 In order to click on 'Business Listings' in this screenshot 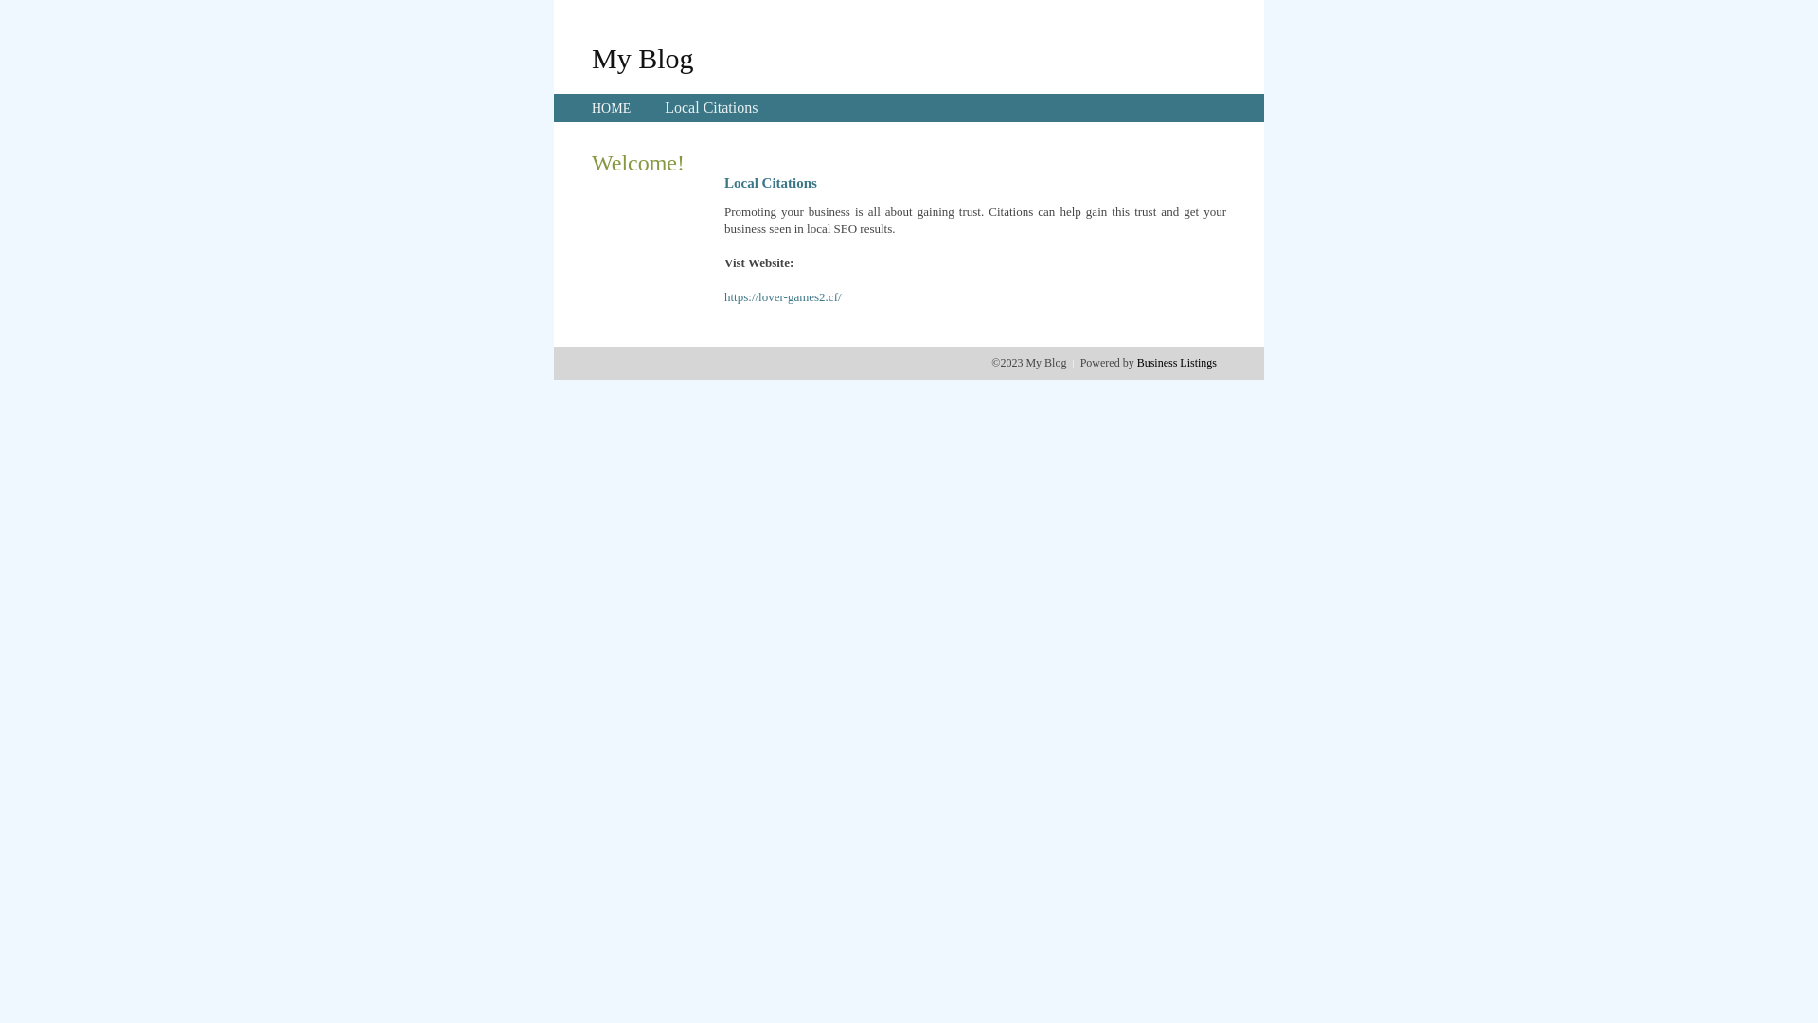, I will do `click(1176, 362)`.